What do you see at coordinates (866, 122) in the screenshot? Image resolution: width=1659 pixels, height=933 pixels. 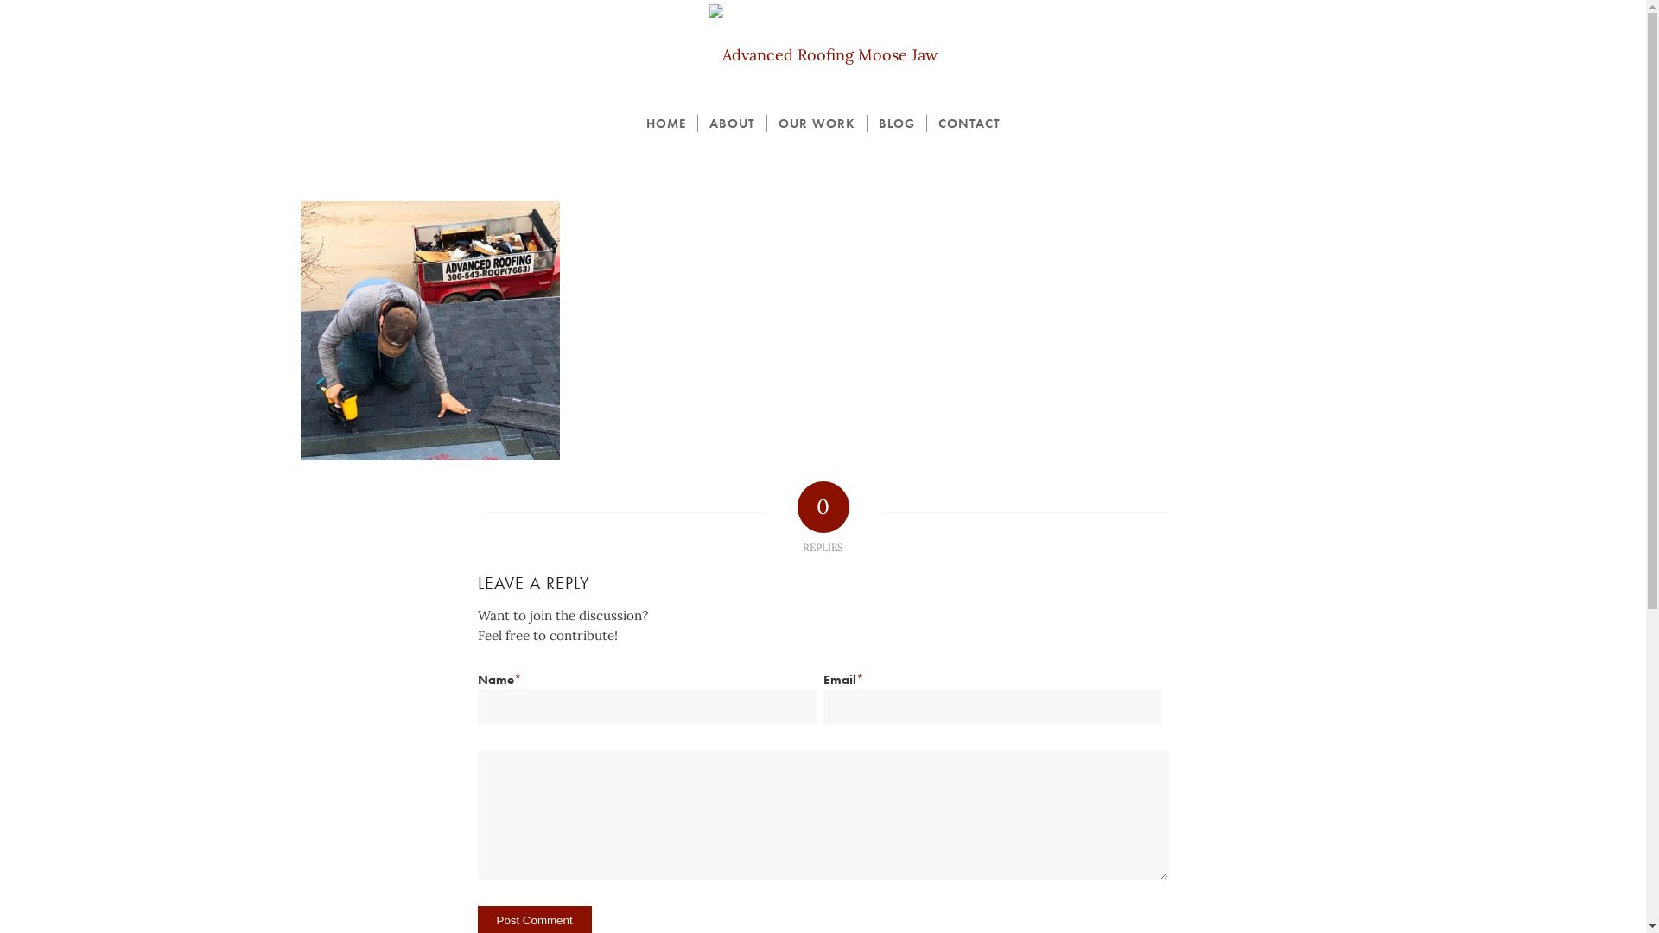 I see `'BLOG'` at bounding box center [866, 122].